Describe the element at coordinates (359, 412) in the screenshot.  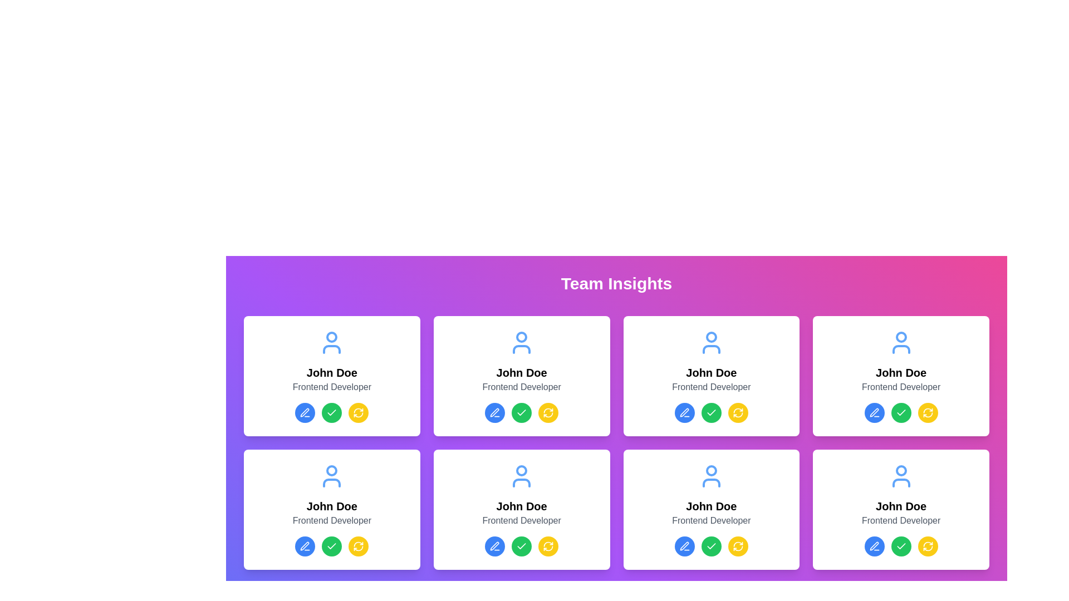
I see `the circular button with a yellow background and a white refresh icon at its center to observe the hover effect` at that location.